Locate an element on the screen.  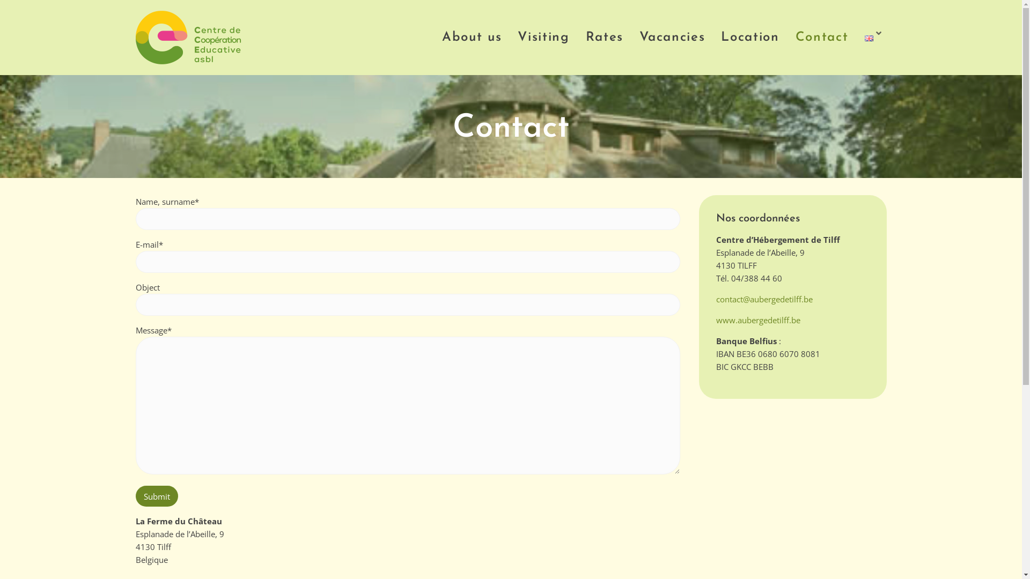
'contact@aubergedetilff.be' is located at coordinates (763, 299).